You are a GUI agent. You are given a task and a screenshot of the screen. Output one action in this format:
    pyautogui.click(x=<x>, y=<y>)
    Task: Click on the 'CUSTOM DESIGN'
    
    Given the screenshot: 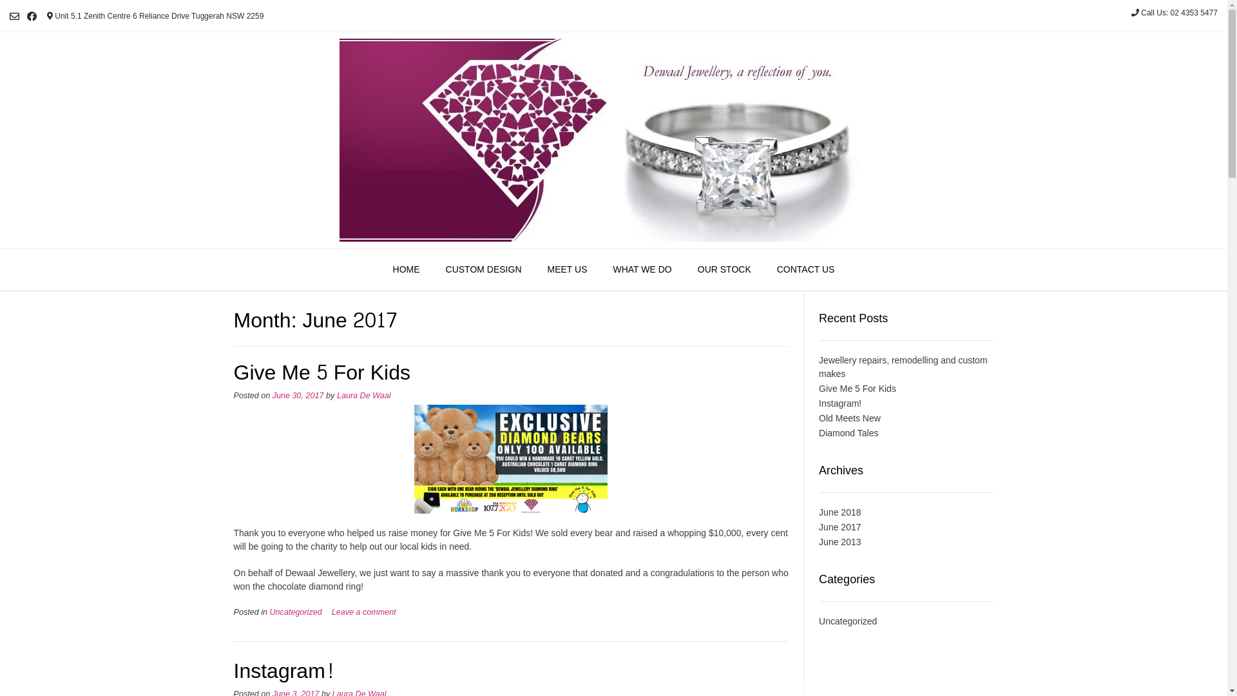 What is the action you would take?
    pyautogui.click(x=483, y=269)
    